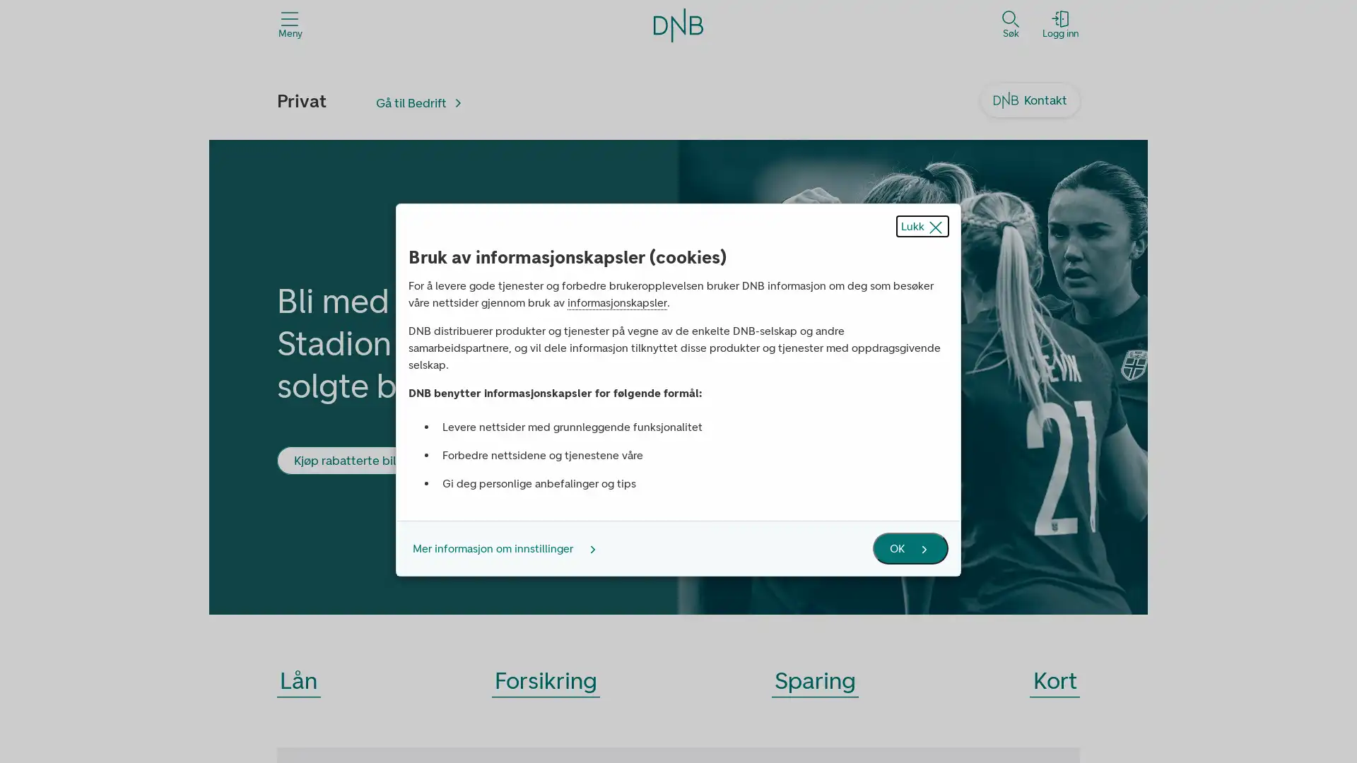  Describe the element at coordinates (922, 225) in the screenshot. I see `Lukk popup` at that location.